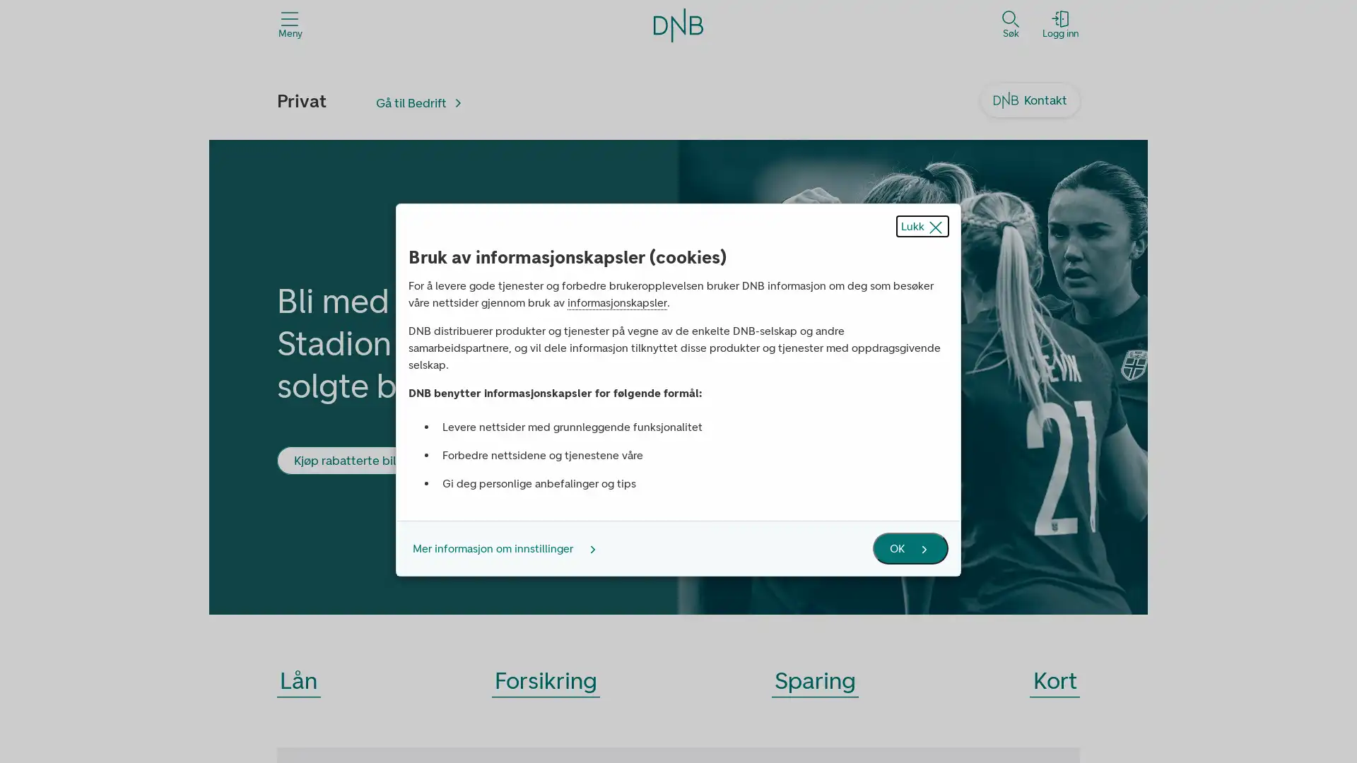  Describe the element at coordinates (922, 225) in the screenshot. I see `Lukk popup` at that location.